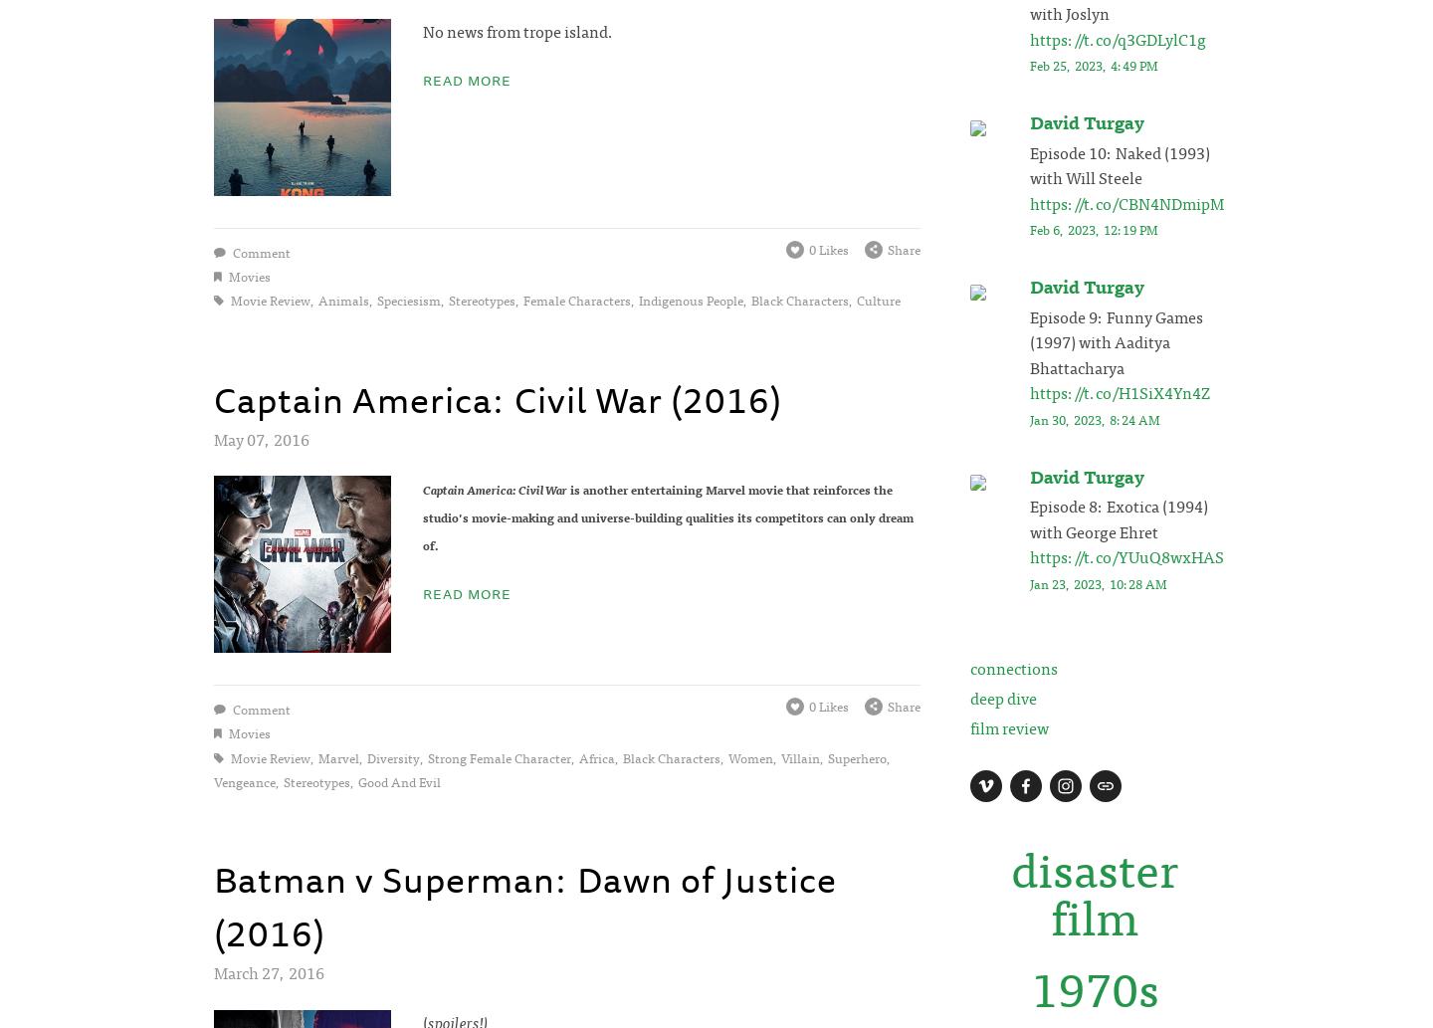  I want to click on 'vengeance', so click(243, 781).